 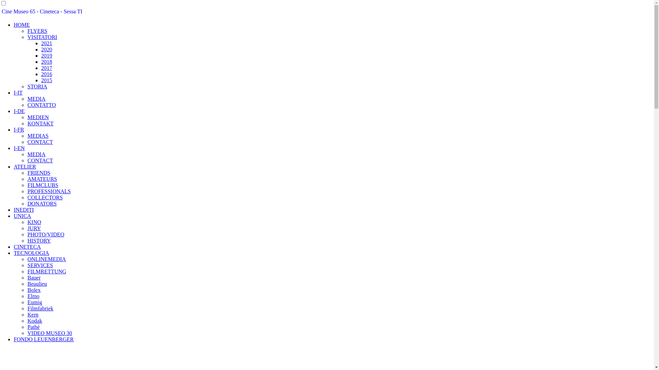 I want to click on 'STORIA', so click(x=37, y=86).